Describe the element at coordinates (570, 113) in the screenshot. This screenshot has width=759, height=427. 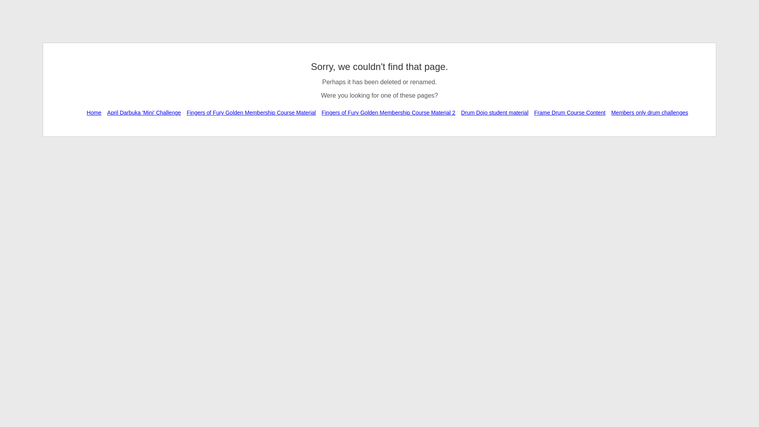
I see `'Frame Drum Course Content'` at that location.